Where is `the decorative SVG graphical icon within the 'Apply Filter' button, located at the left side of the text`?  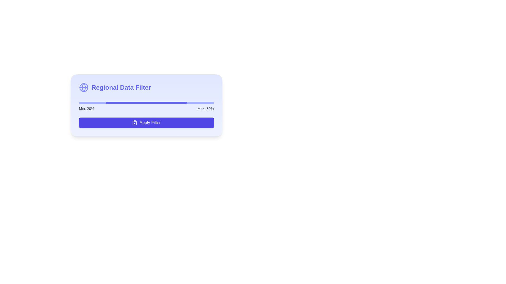 the decorative SVG graphical icon within the 'Apply Filter' button, located at the left side of the text is located at coordinates (135, 123).